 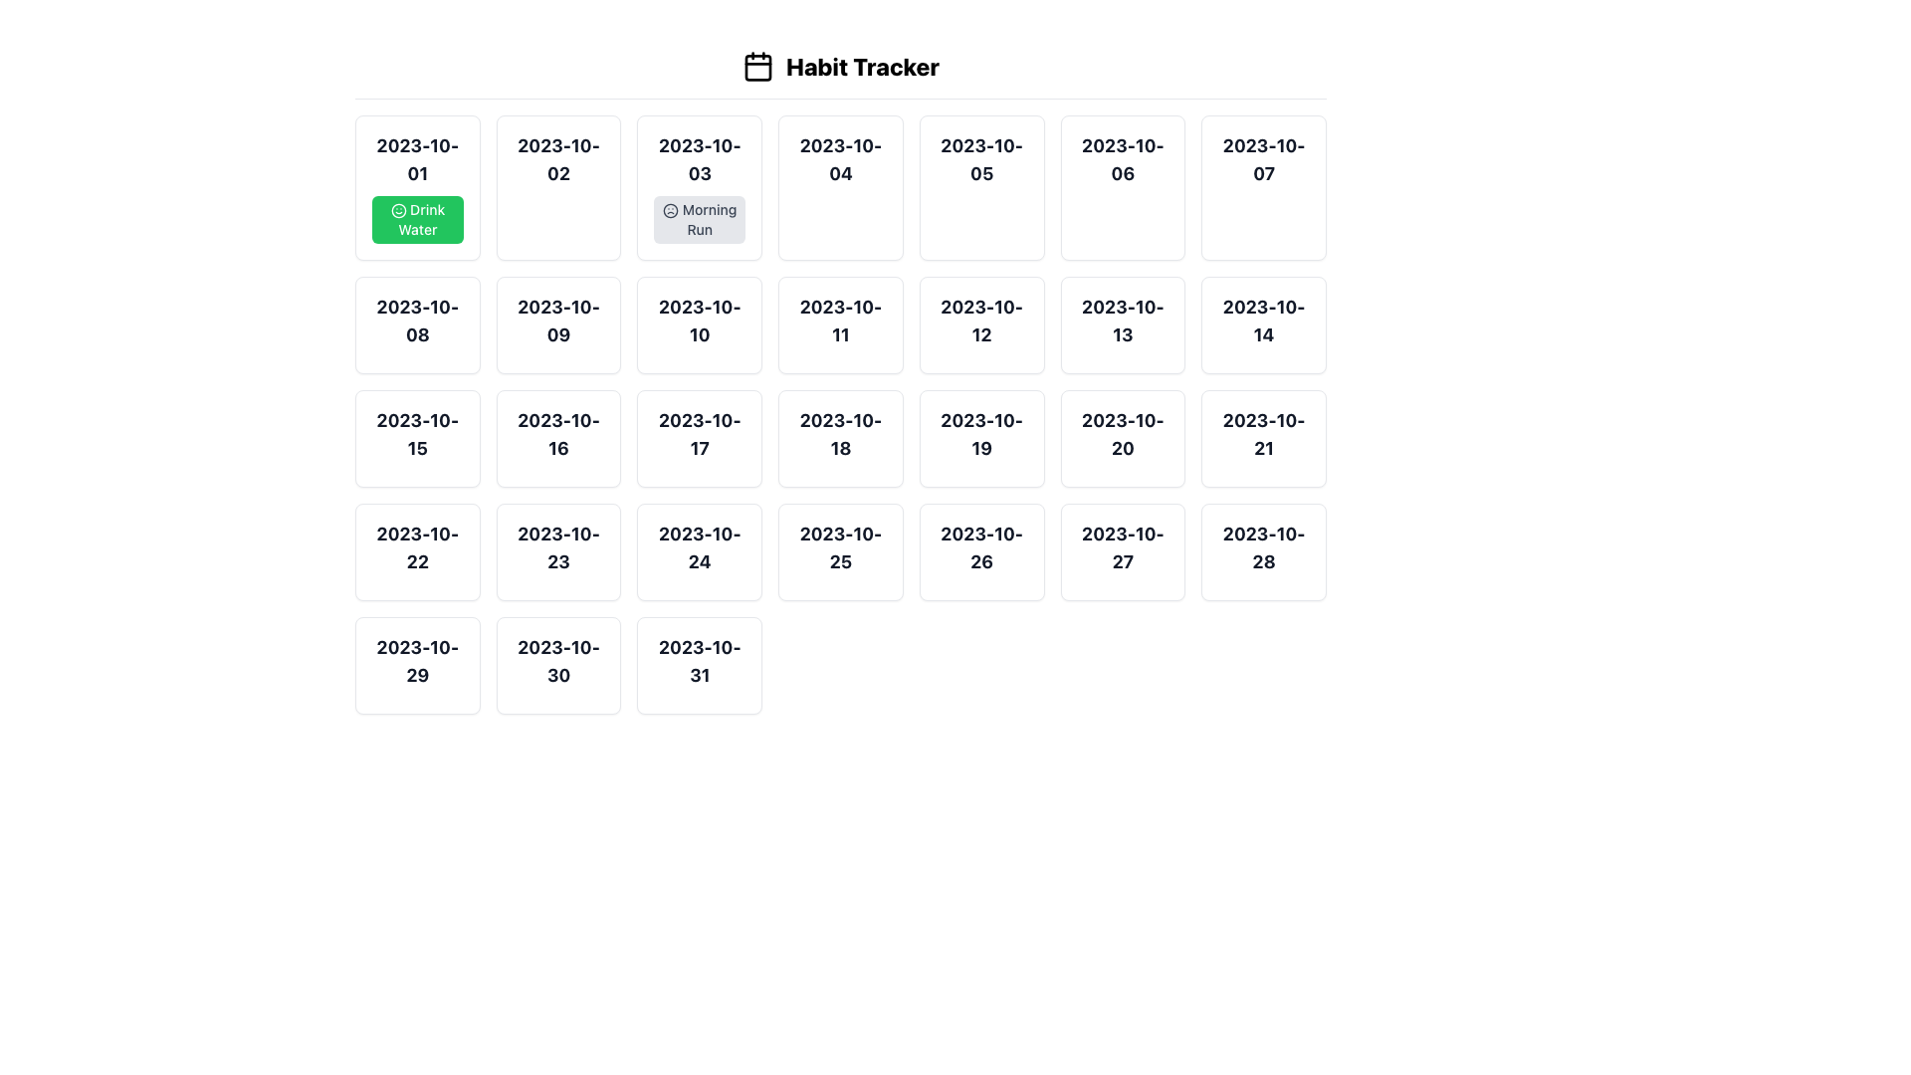 I want to click on the clickable date card displaying '2023-10-11' in the habit tracker interface, so click(x=840, y=324).